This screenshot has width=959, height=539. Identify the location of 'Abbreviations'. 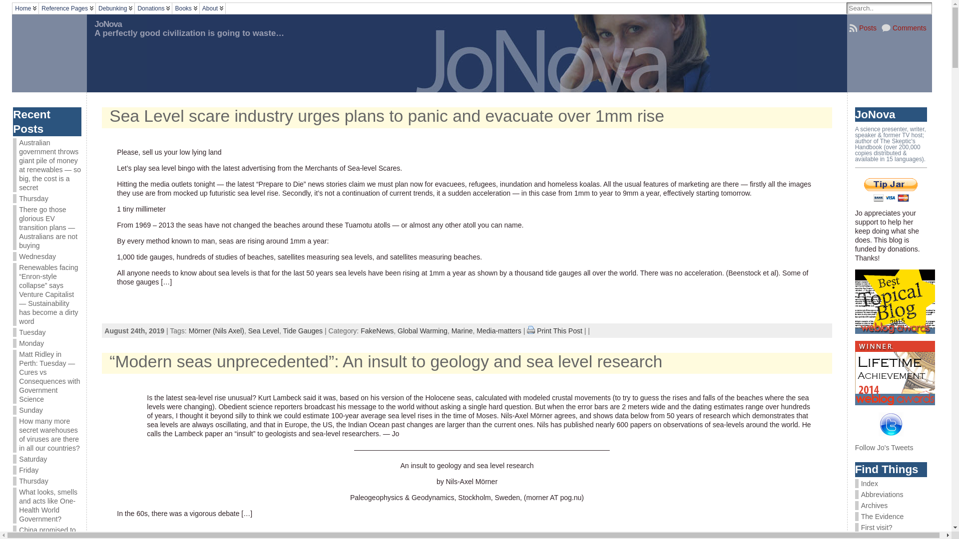
(855, 495).